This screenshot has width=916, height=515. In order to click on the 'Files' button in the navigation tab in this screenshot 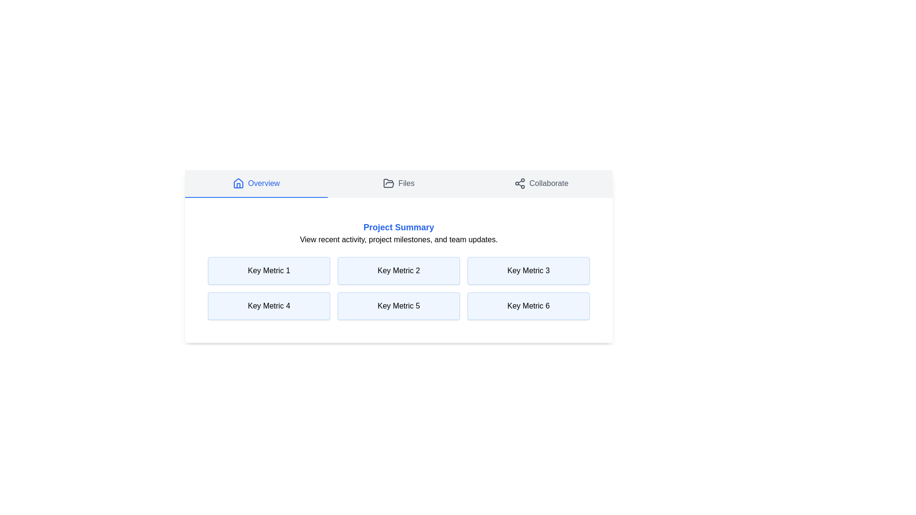, I will do `click(398, 184)`.